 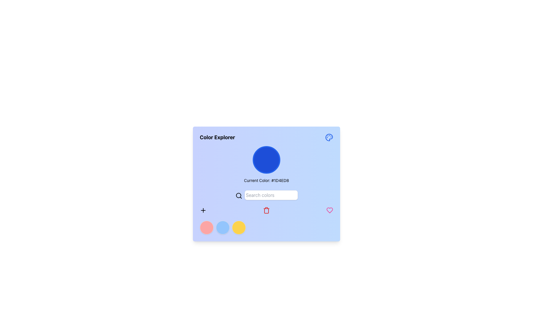 I want to click on the SVG heart icon located at the bottom-right corner of the interface to mark it as a favorite, so click(x=330, y=210).